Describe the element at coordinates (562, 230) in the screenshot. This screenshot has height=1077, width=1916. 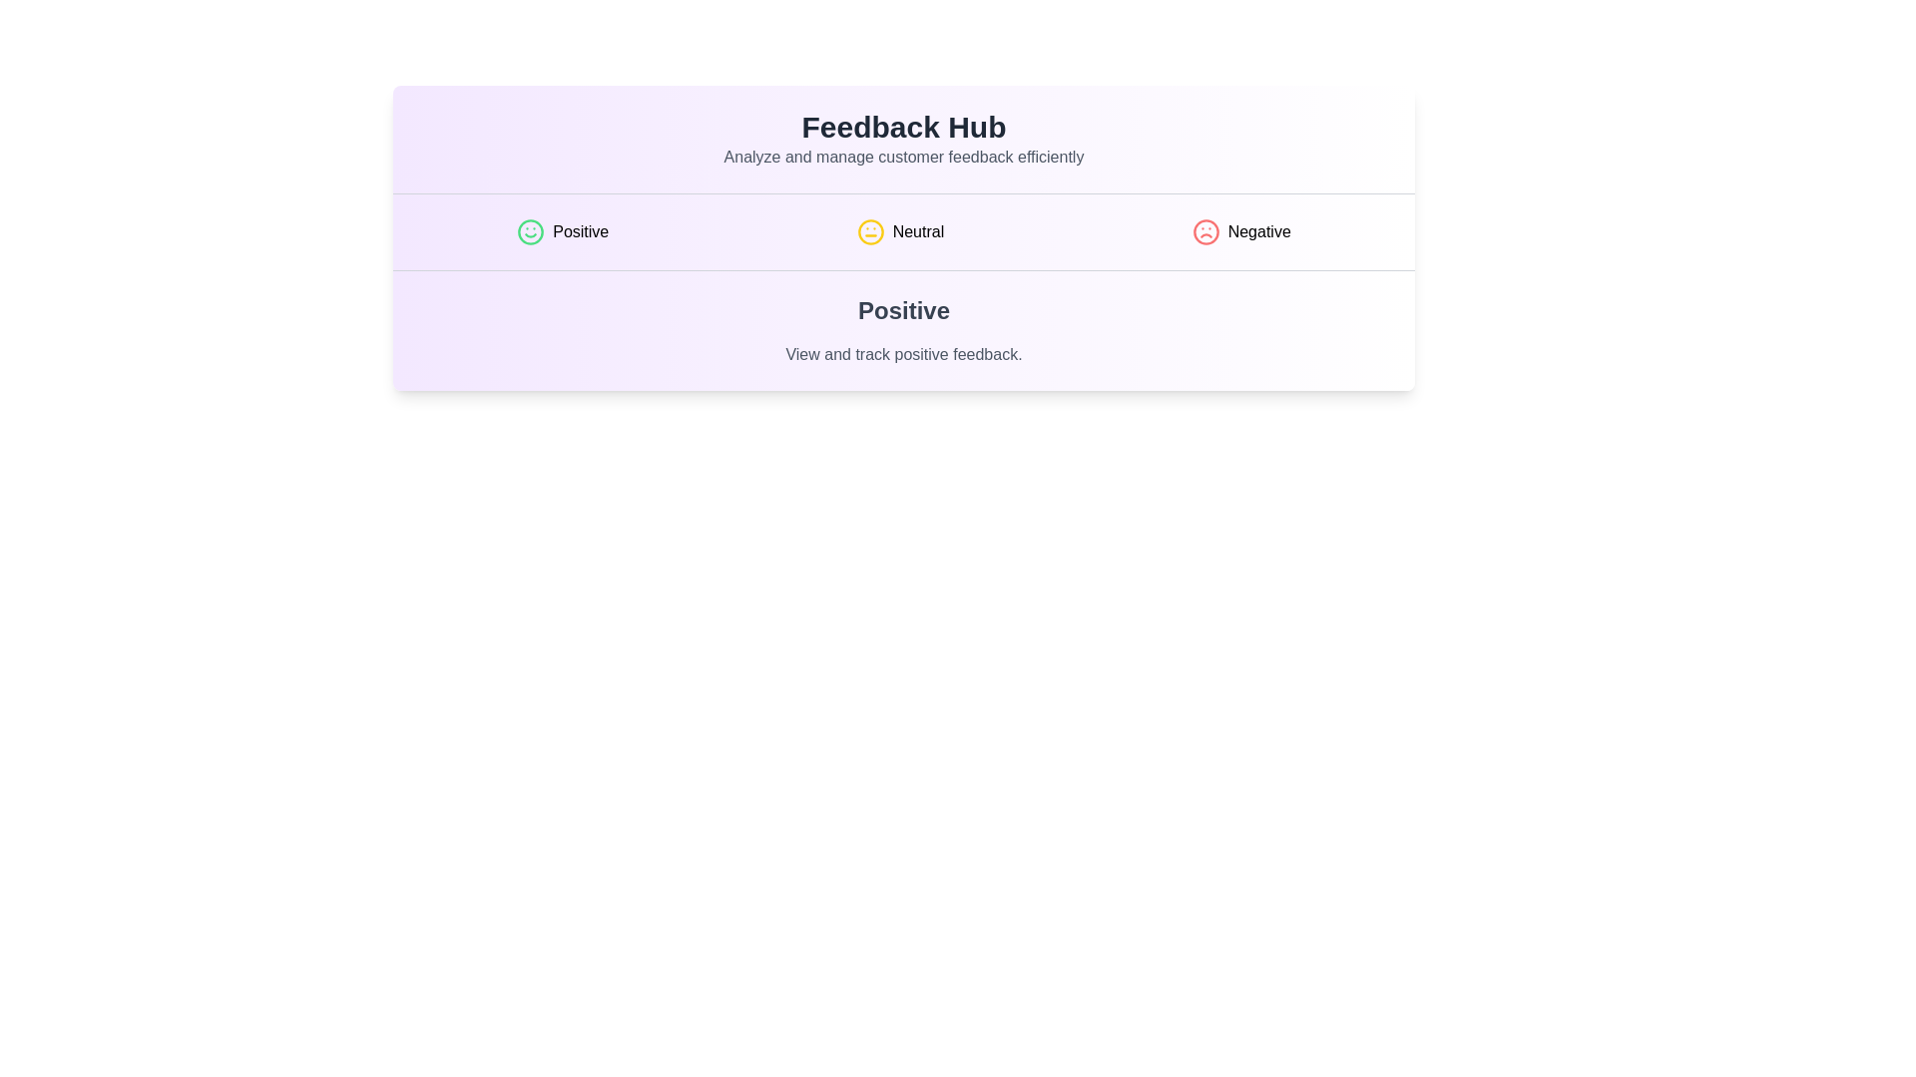
I see `the Positive tab by clicking on its button` at that location.